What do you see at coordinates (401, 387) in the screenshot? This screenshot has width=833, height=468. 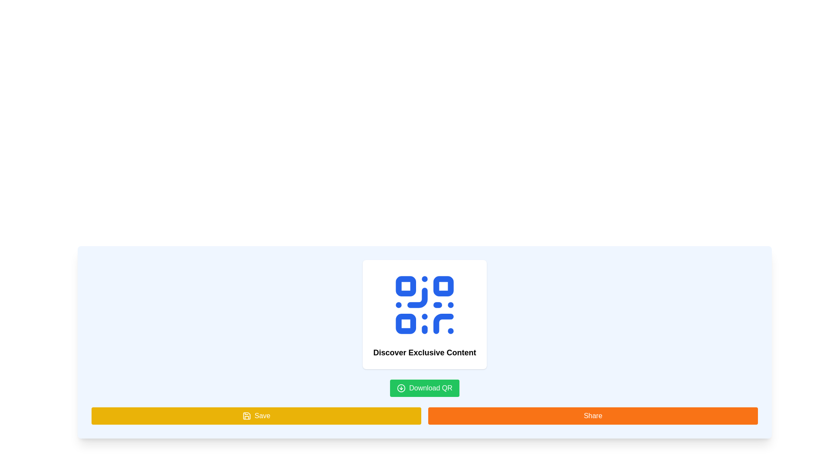 I see `the download icon located within the 'Download QR' button, which is the leftmost component of the button` at bounding box center [401, 387].